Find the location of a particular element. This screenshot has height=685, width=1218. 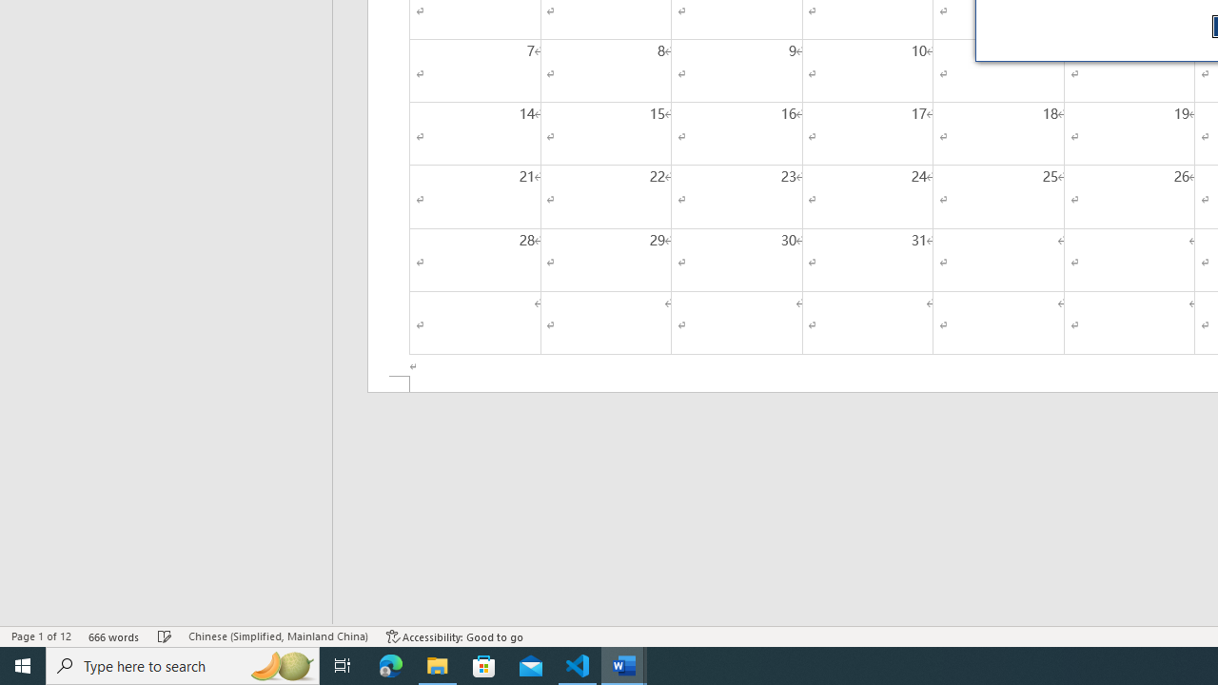

'Type here to search' is located at coordinates (183, 664).